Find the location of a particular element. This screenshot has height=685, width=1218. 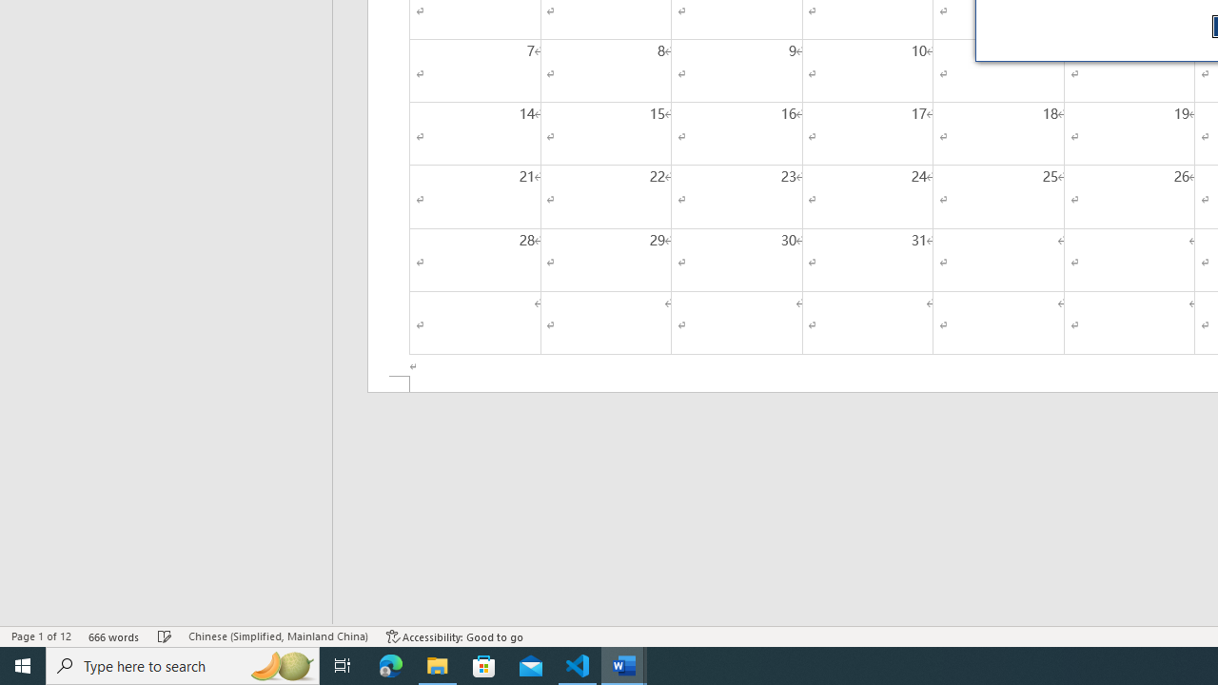

'Type here to search' is located at coordinates (183, 664).